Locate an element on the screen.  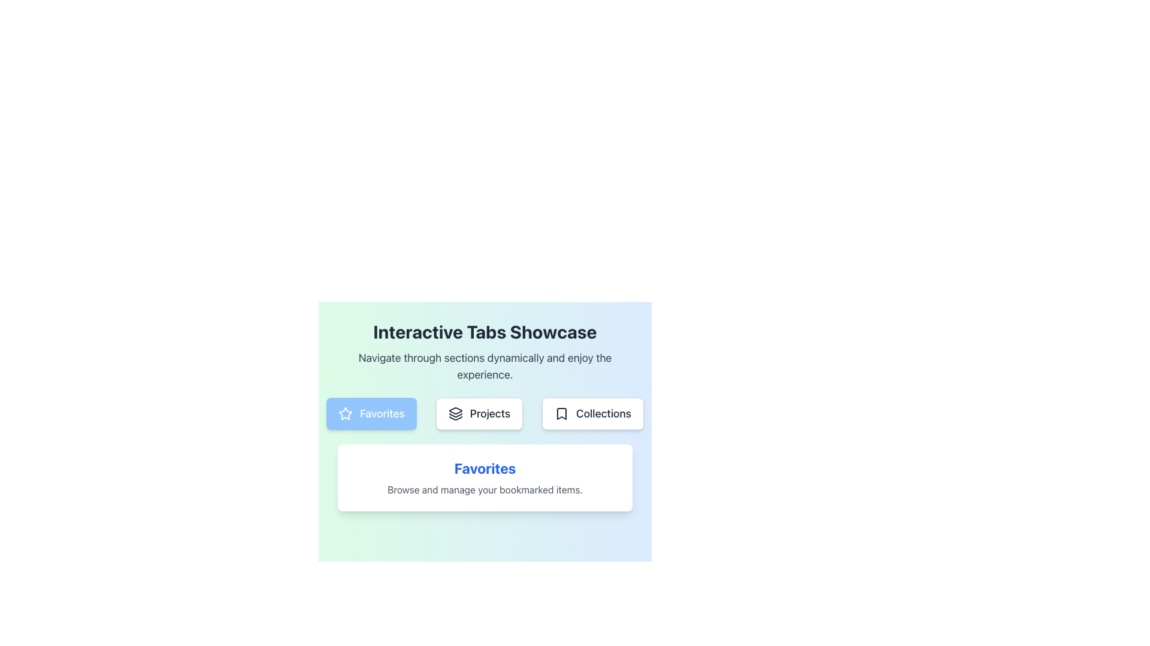
the Informational Text Block that describes the functionality of the interface, located above the interactive buttons 'Favorites', 'Projects', and 'Collections' is located at coordinates (485, 352).